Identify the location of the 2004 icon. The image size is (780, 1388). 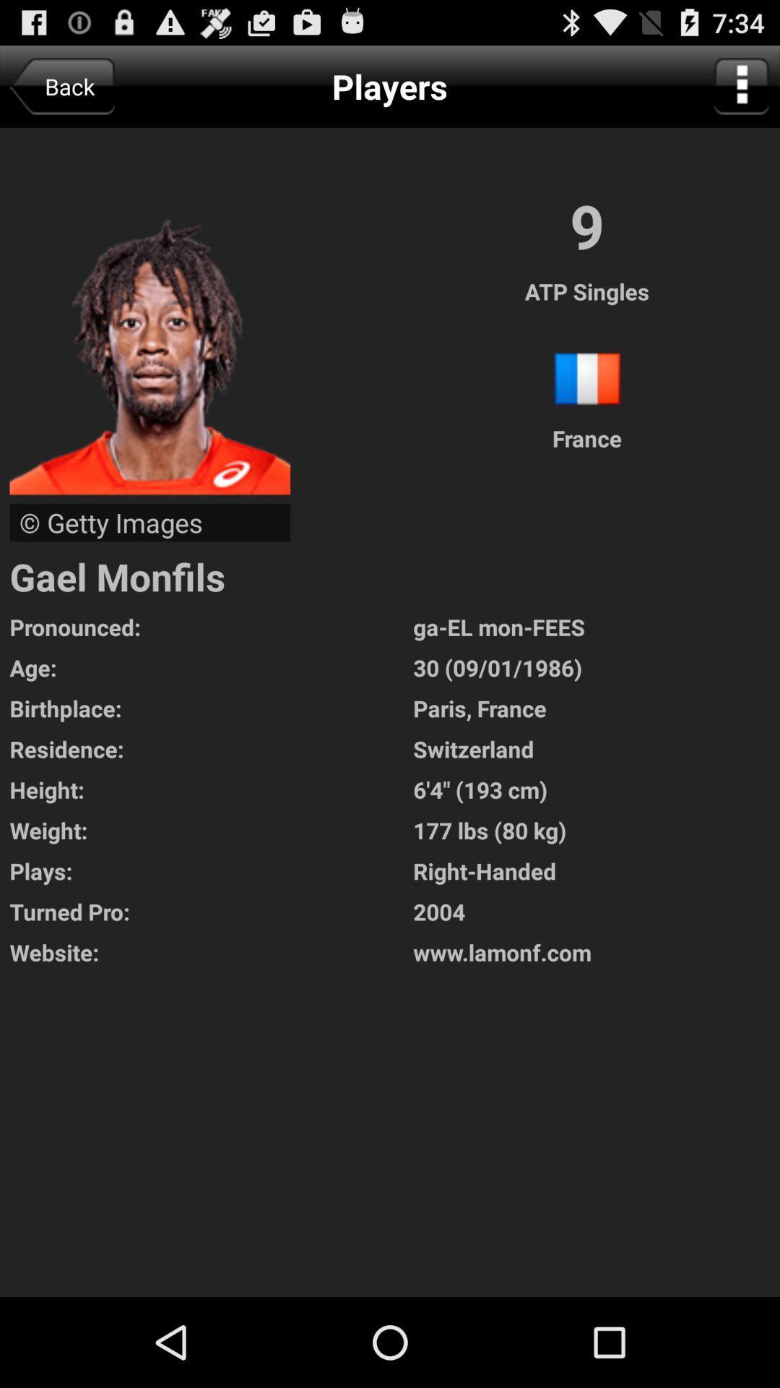
(597, 911).